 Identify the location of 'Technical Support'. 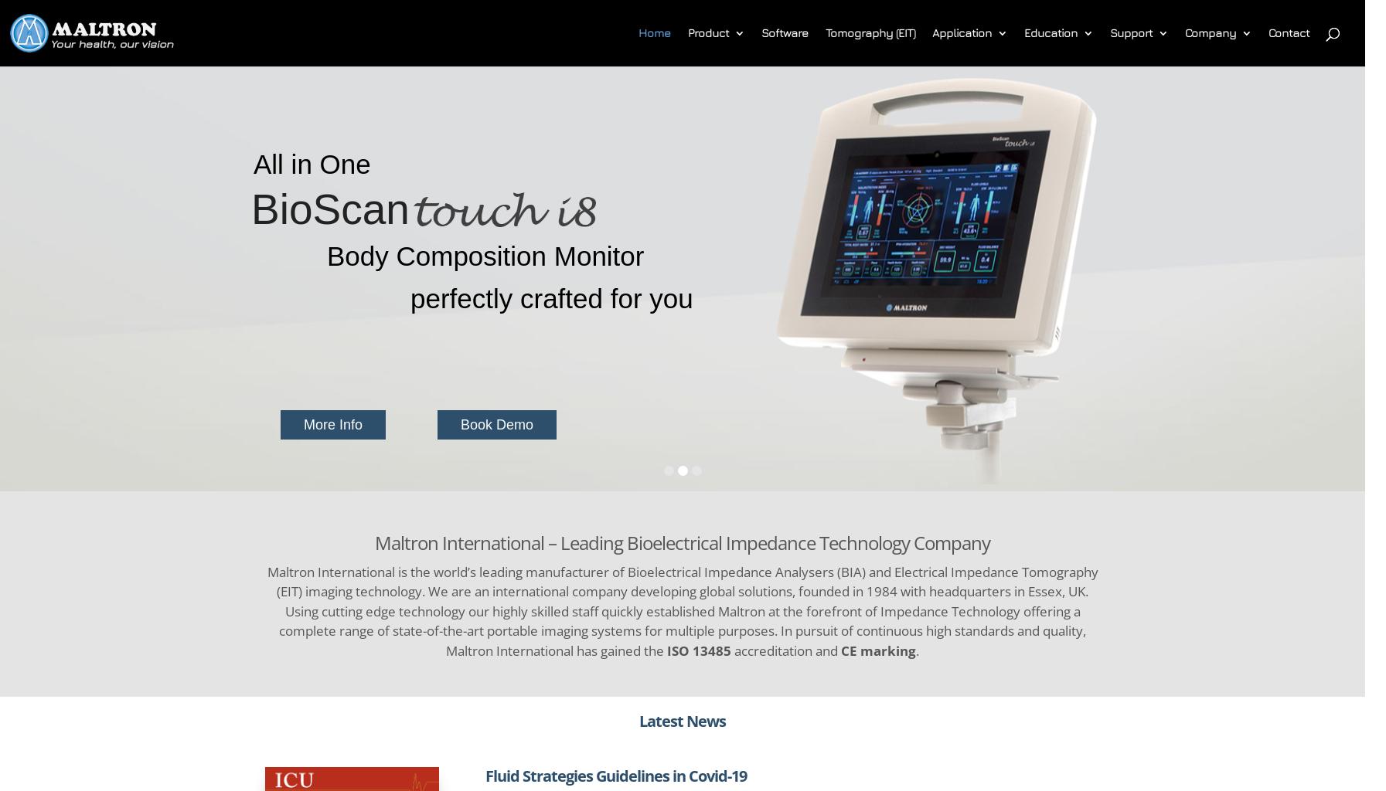
(1189, 96).